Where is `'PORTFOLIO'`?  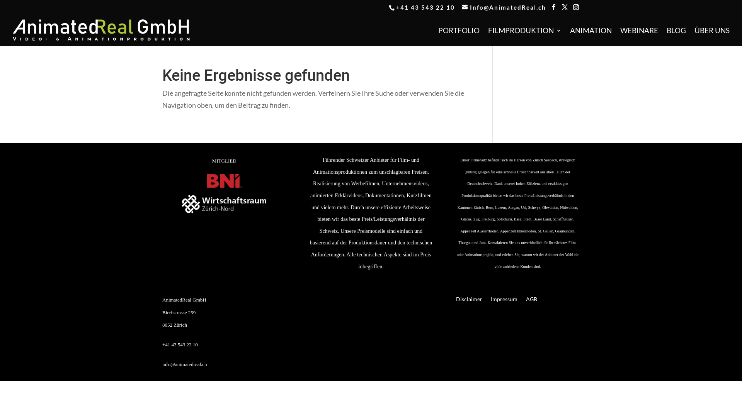
'PORTFOLIO' is located at coordinates (459, 37).